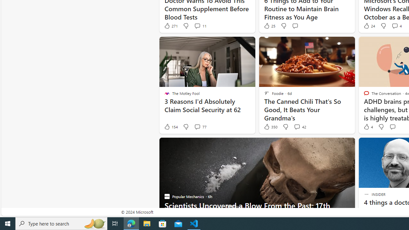 The width and height of the screenshot is (409, 230). I want to click on 'View comments 77 Comment', so click(197, 127).